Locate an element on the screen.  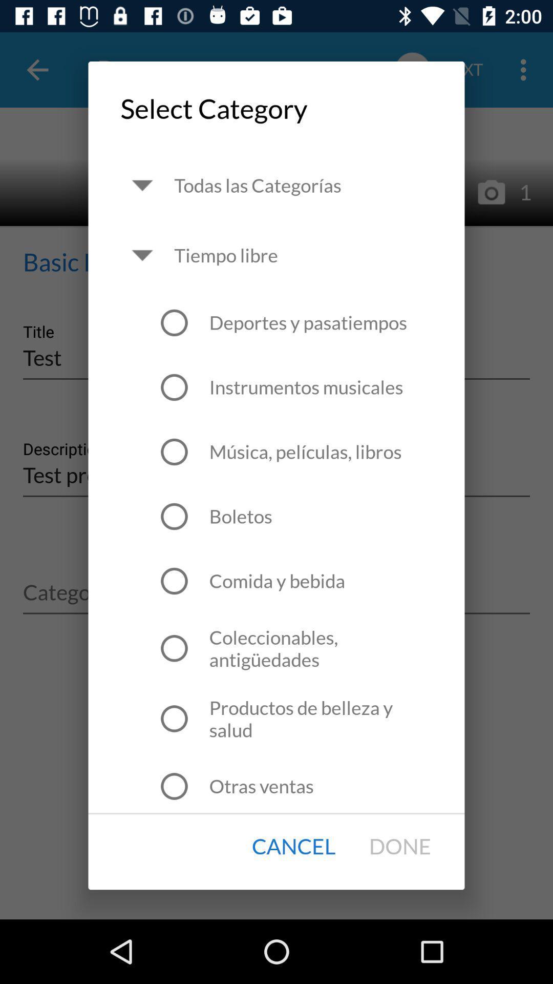
icon above productos de belleza item is located at coordinates (320, 648).